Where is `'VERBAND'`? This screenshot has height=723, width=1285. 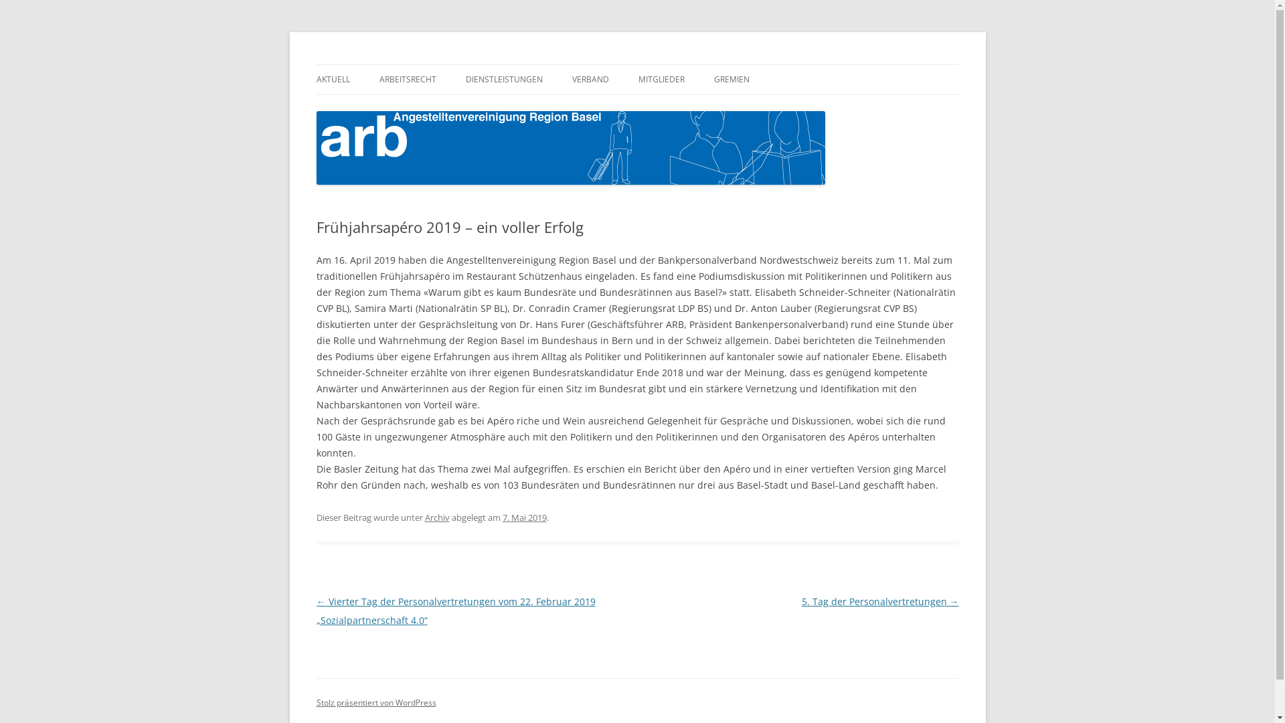 'VERBAND' is located at coordinates (589, 80).